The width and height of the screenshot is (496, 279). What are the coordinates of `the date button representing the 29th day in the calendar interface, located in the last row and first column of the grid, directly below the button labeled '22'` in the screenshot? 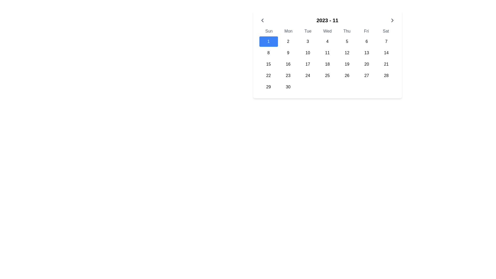 It's located at (268, 87).